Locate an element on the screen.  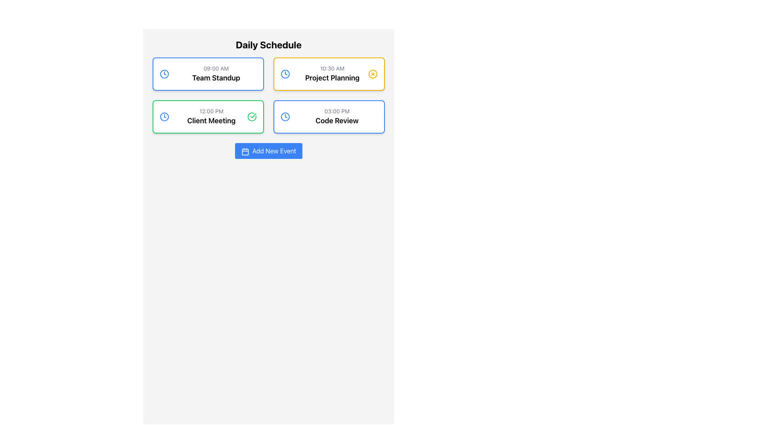
time information displayed in the text label showing '10:30 AM' located at the top of the 'Project Planning' card in the second column of a 2x2 grid layout is located at coordinates (332, 68).